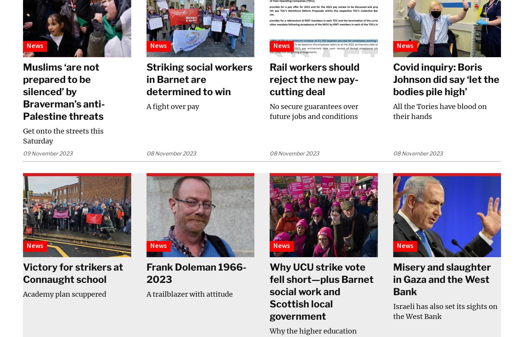 The width and height of the screenshot is (524, 337). What do you see at coordinates (269, 78) in the screenshot?
I see `'Rail workers should reject the new pay-cutting deal'` at bounding box center [269, 78].